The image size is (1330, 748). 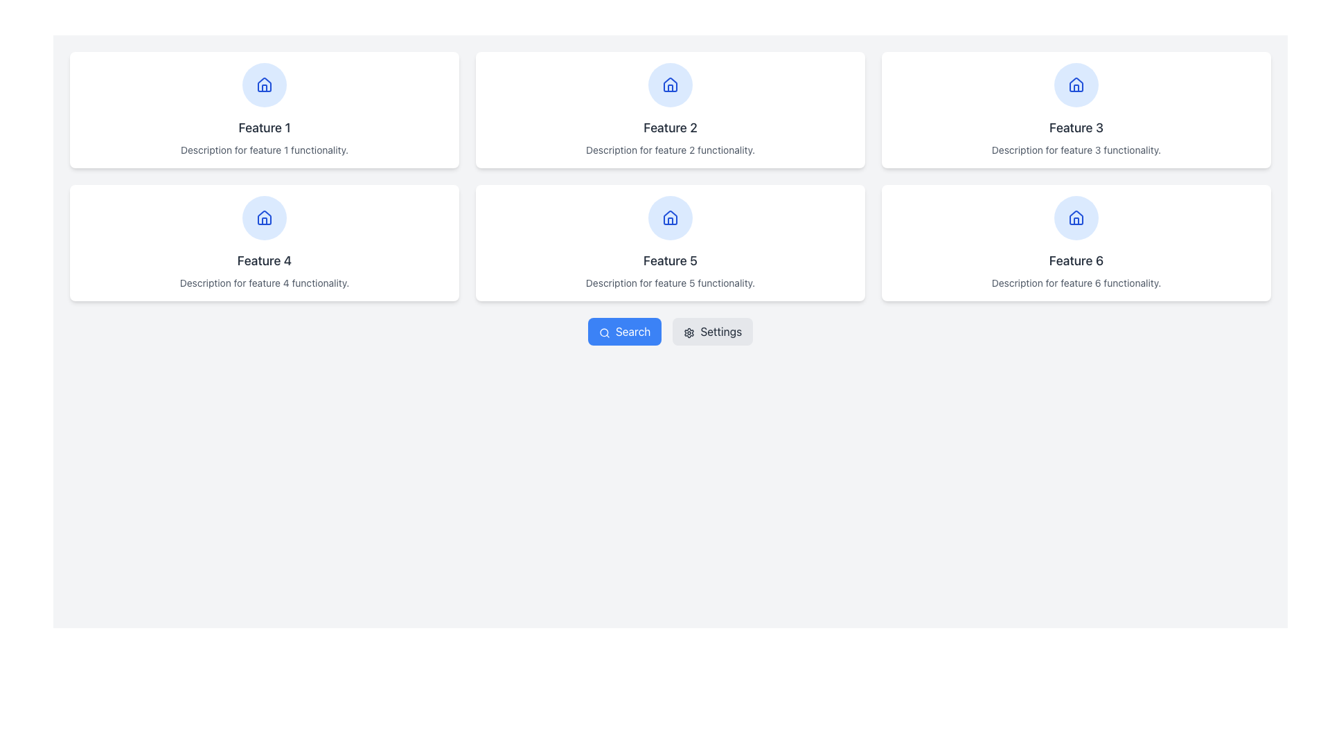 What do you see at coordinates (713, 331) in the screenshot?
I see `the 'Settings' button, which is a rounded rectangle with a gray background and a gear icon on the left, located below a grid of feature cards on the right side of the layout` at bounding box center [713, 331].